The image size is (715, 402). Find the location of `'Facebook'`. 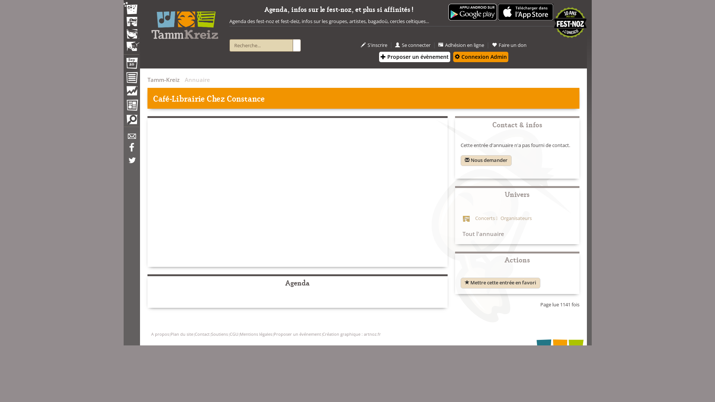

'Facebook' is located at coordinates (123, 150).